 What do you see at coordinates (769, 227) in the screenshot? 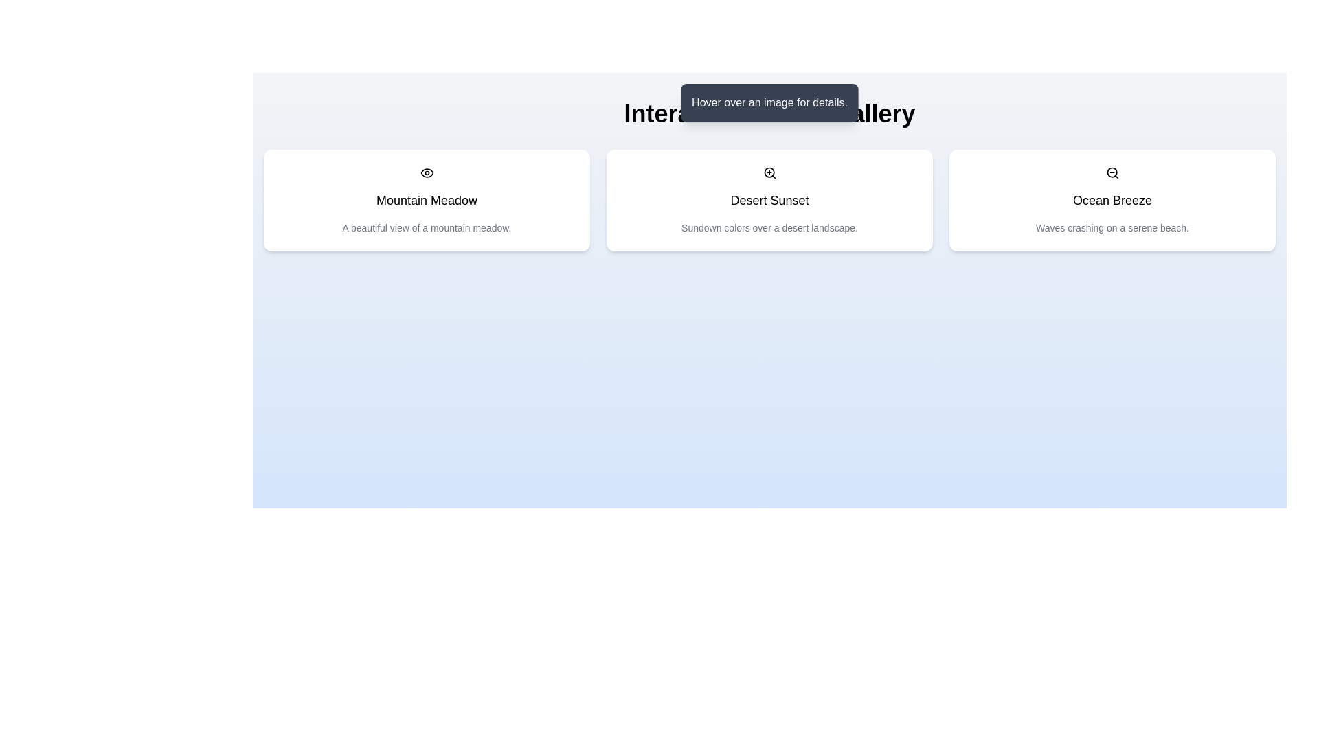
I see `descriptive text label located below the title 'Desert Sunset', which is styled in a small gray font` at bounding box center [769, 227].